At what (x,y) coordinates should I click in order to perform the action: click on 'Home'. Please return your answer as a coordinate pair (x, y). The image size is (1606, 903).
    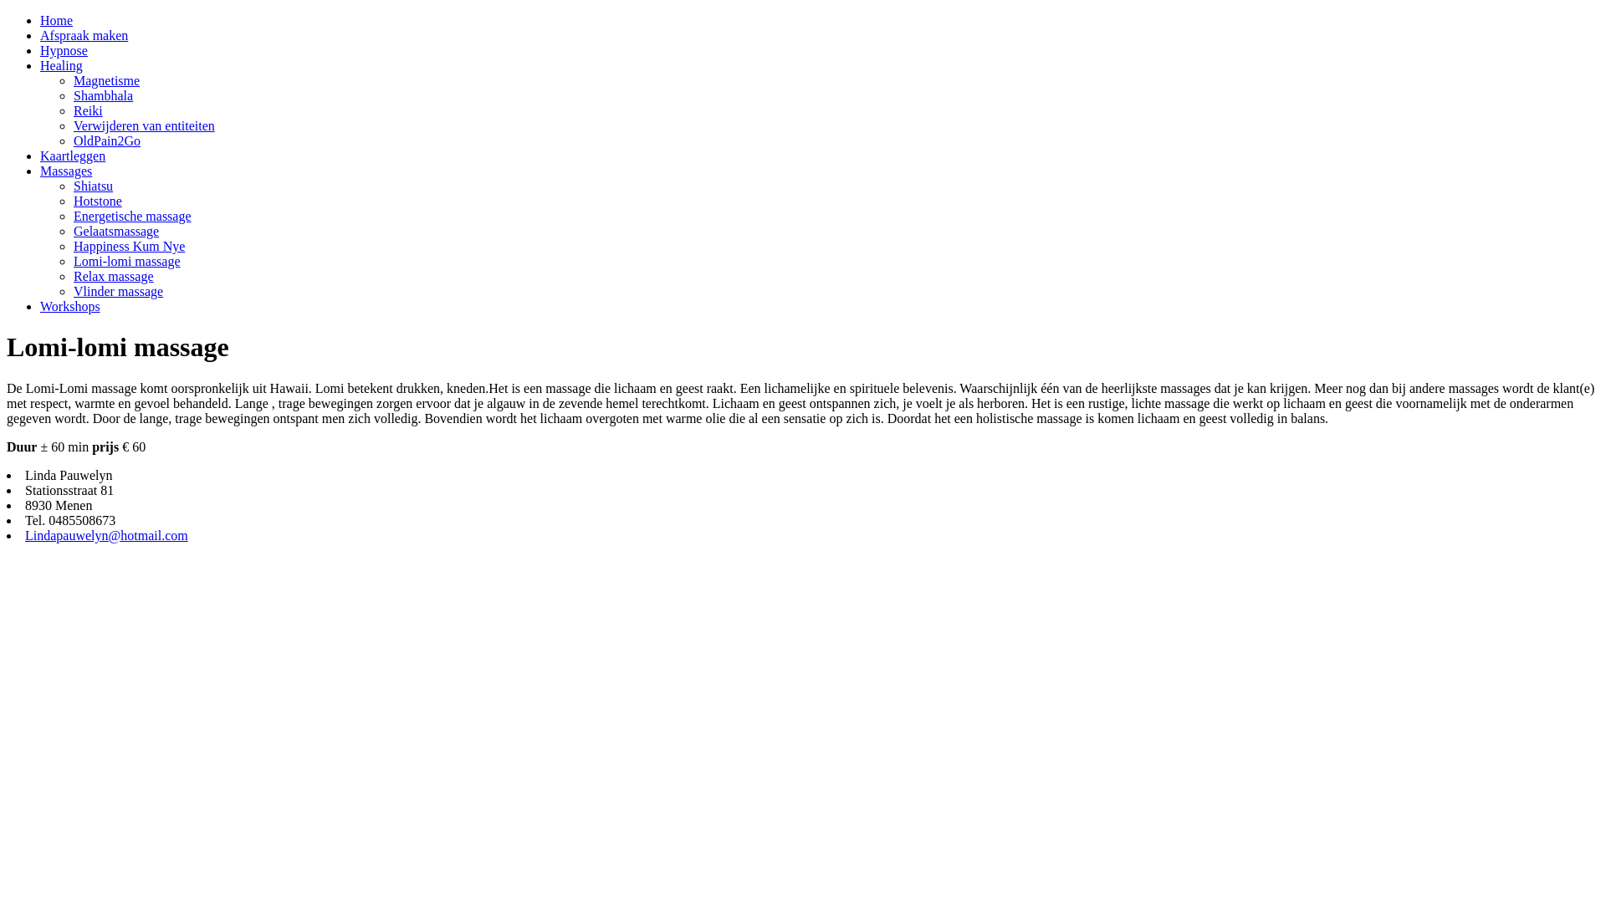
    Looking at the image, I should click on (56, 20).